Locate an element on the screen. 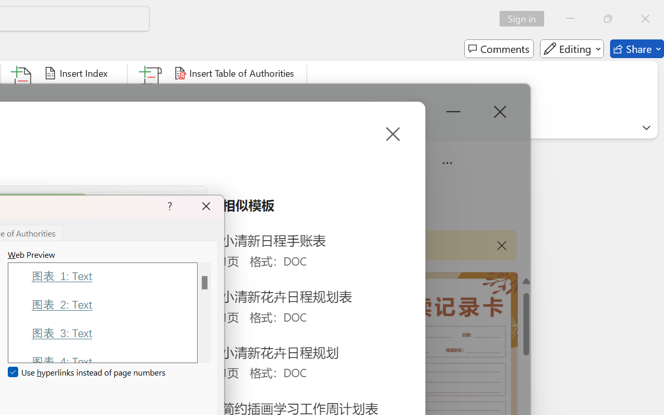 The width and height of the screenshot is (664, 415). 'Mark Citation...' is located at coordinates (151, 93).